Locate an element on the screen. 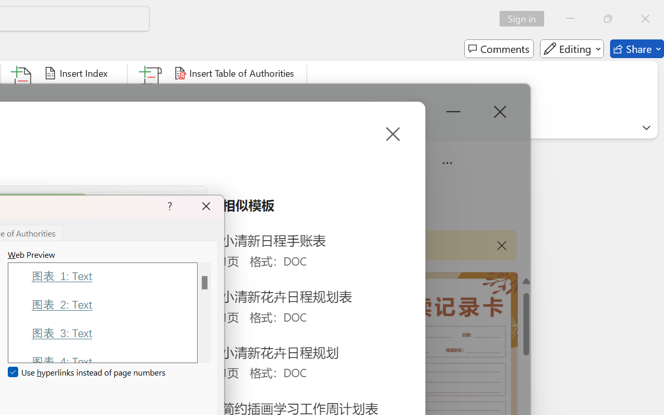 The width and height of the screenshot is (664, 415). 'Mark Citation...' is located at coordinates (151, 93).